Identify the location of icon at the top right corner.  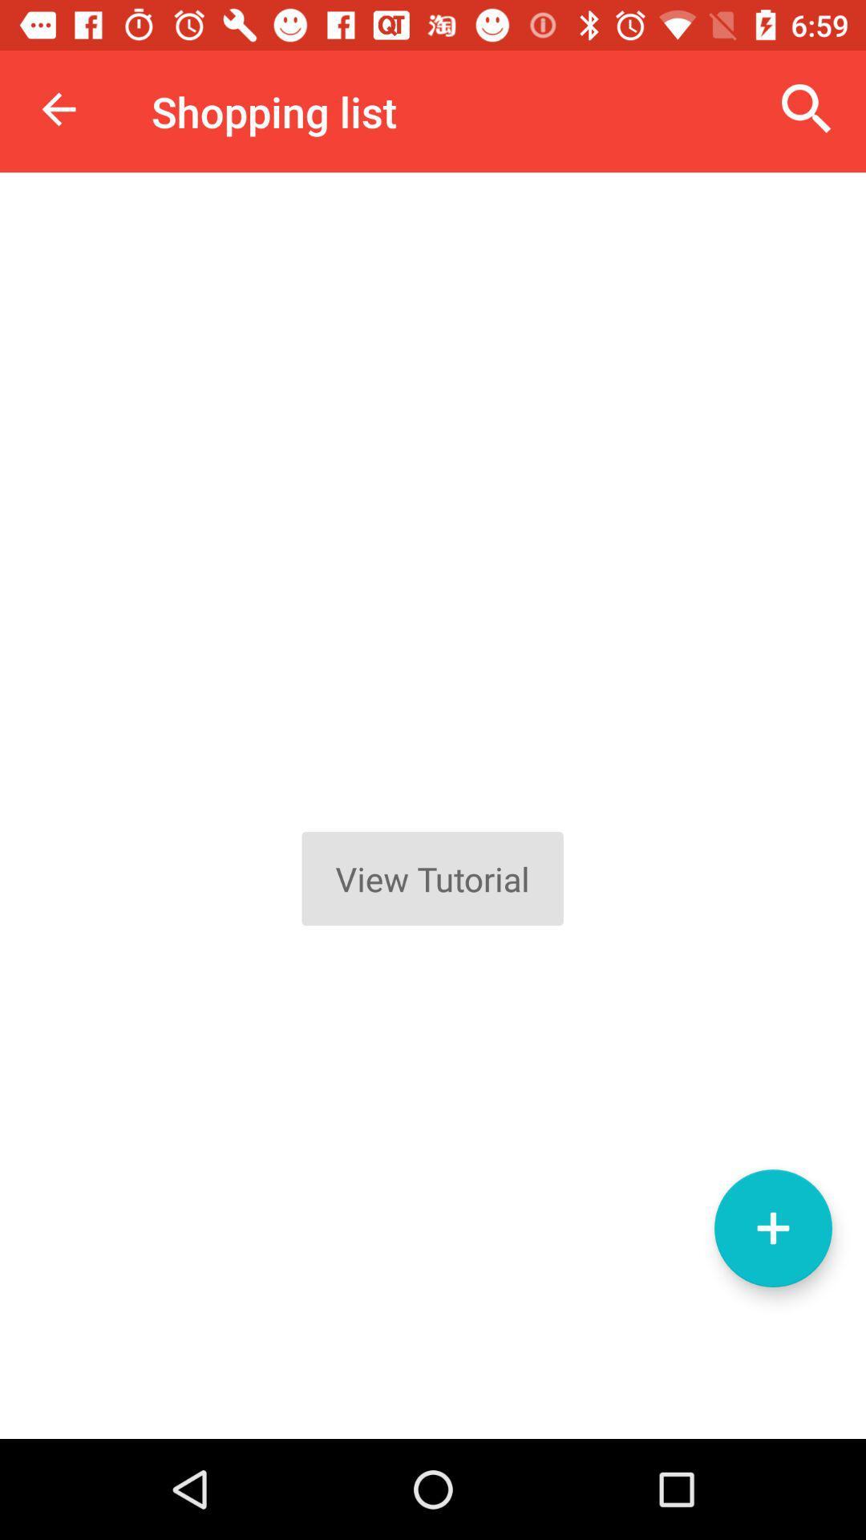
(807, 108).